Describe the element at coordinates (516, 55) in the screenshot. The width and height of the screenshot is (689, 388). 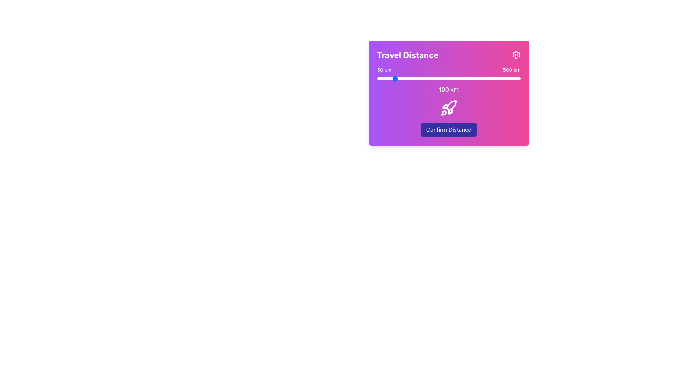
I see `the settings icon located at the top-right corner of the 'Travel Distance' card` at that location.